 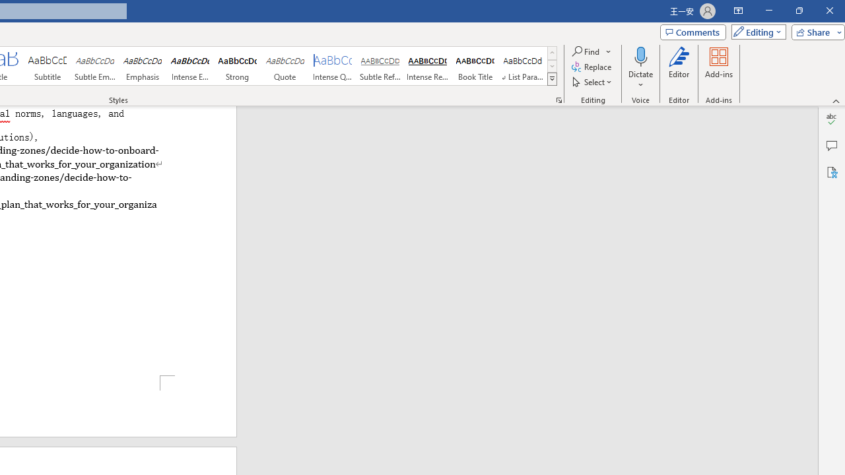 I want to click on 'Styles', so click(x=552, y=79).